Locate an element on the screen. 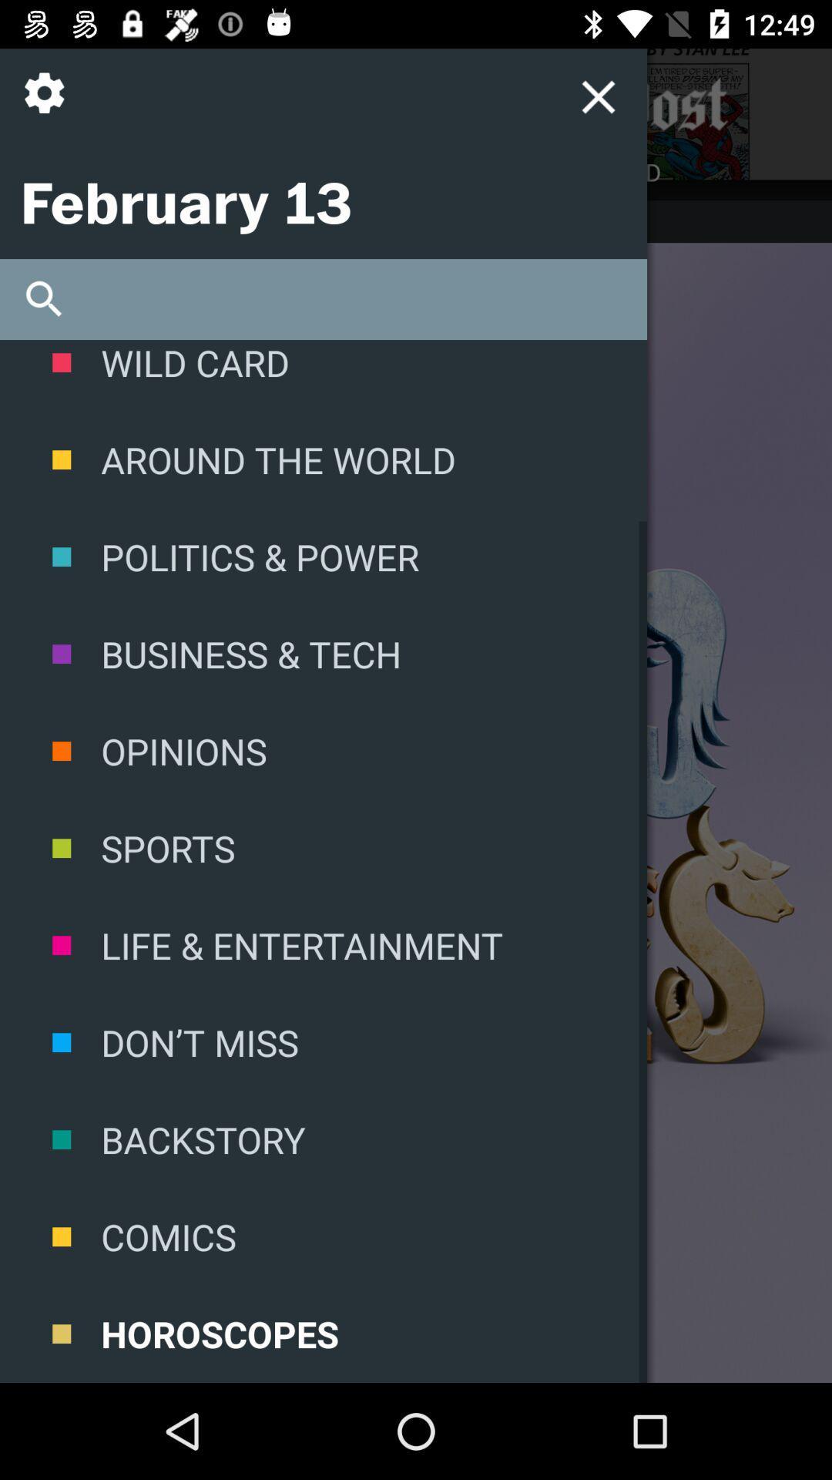  the opinions item is located at coordinates (323, 751).